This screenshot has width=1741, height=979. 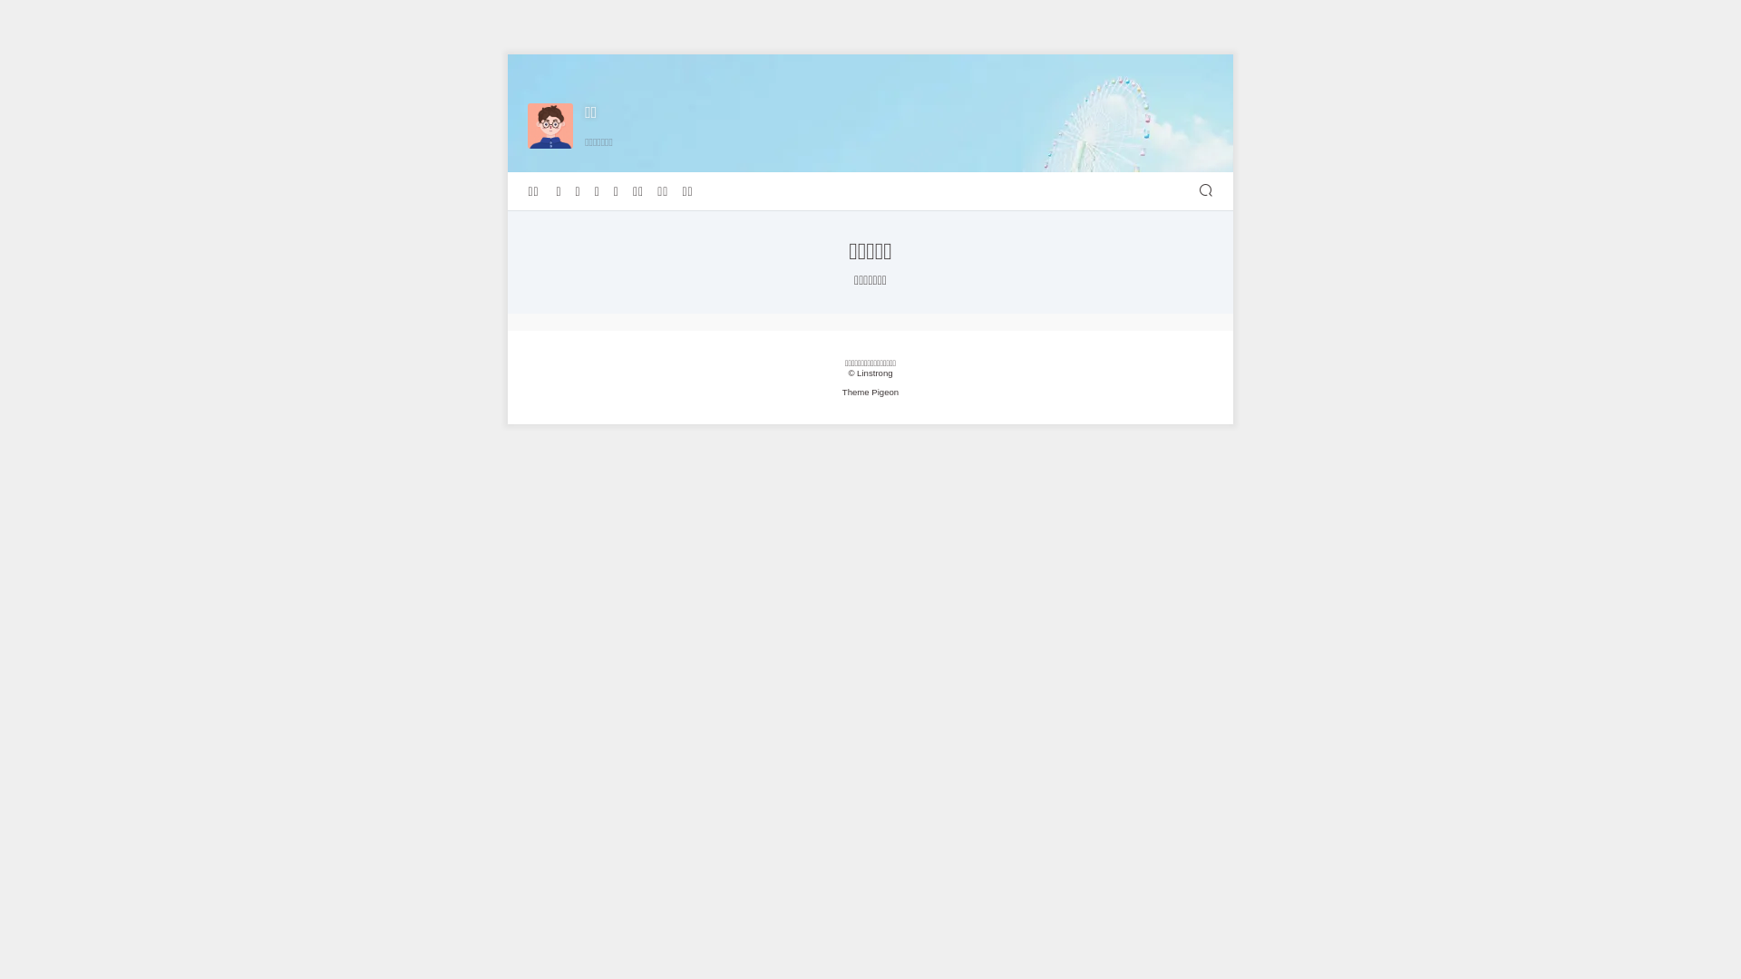 I want to click on 'Pigeon', so click(x=884, y=391).